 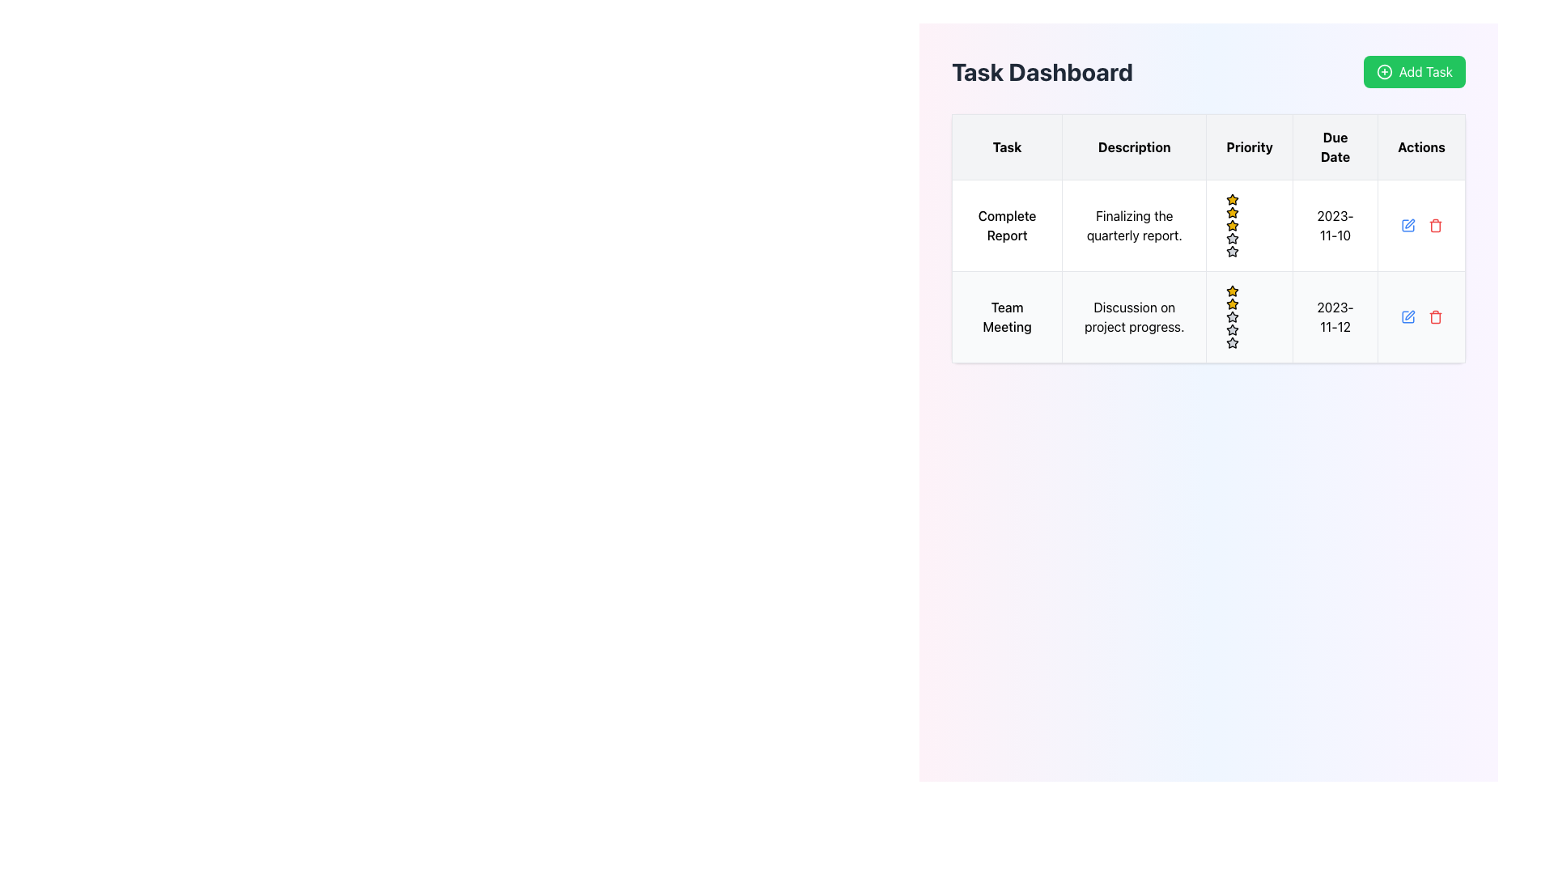 What do you see at coordinates (1208, 317) in the screenshot?
I see `the icons` at bounding box center [1208, 317].